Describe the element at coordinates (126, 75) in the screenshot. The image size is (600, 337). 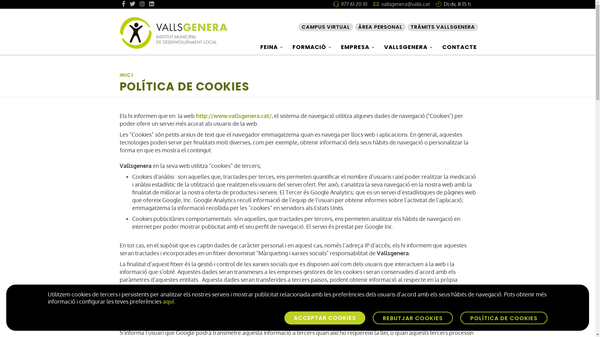
I see `'INICI'` at that location.